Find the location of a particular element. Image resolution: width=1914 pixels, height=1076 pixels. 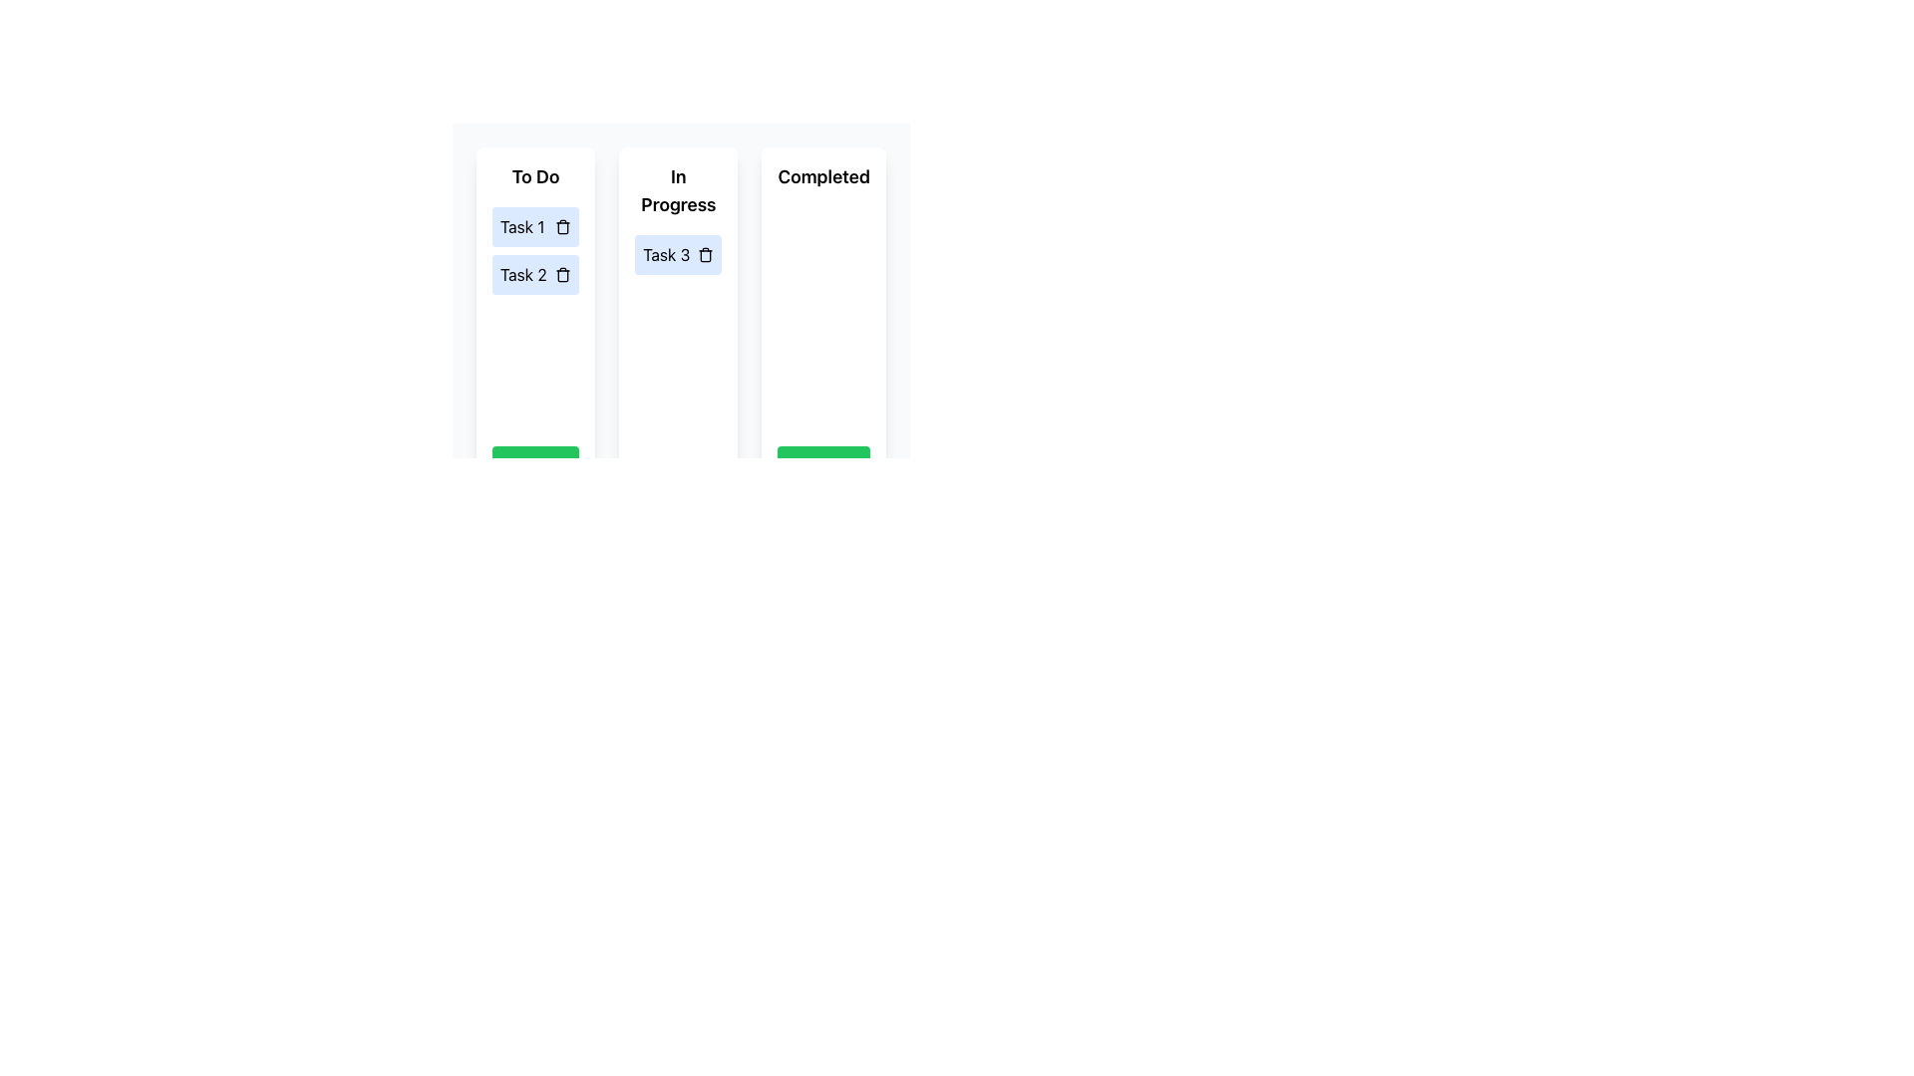

the trashcan-shaped icon button located at the right end of the 'Task 2' entry row in the 'To Do' column is located at coordinates (562, 275).